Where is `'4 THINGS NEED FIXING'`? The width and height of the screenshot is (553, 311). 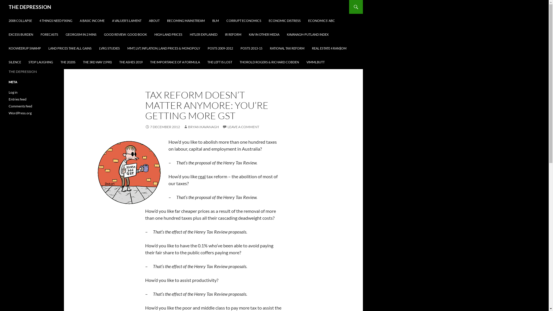
'4 THINGS NEED FIXING' is located at coordinates (56, 20).